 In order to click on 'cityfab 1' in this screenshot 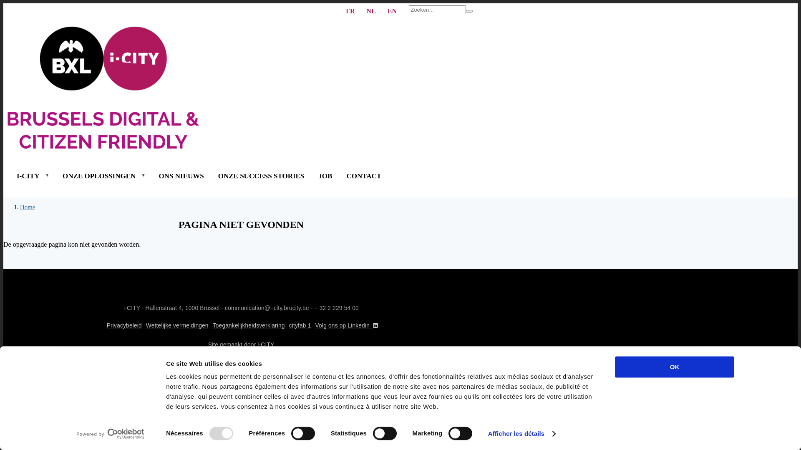, I will do `click(300, 325)`.